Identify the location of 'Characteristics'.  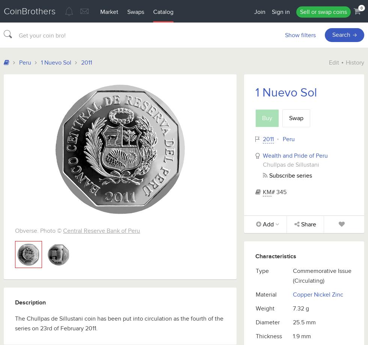
(276, 256).